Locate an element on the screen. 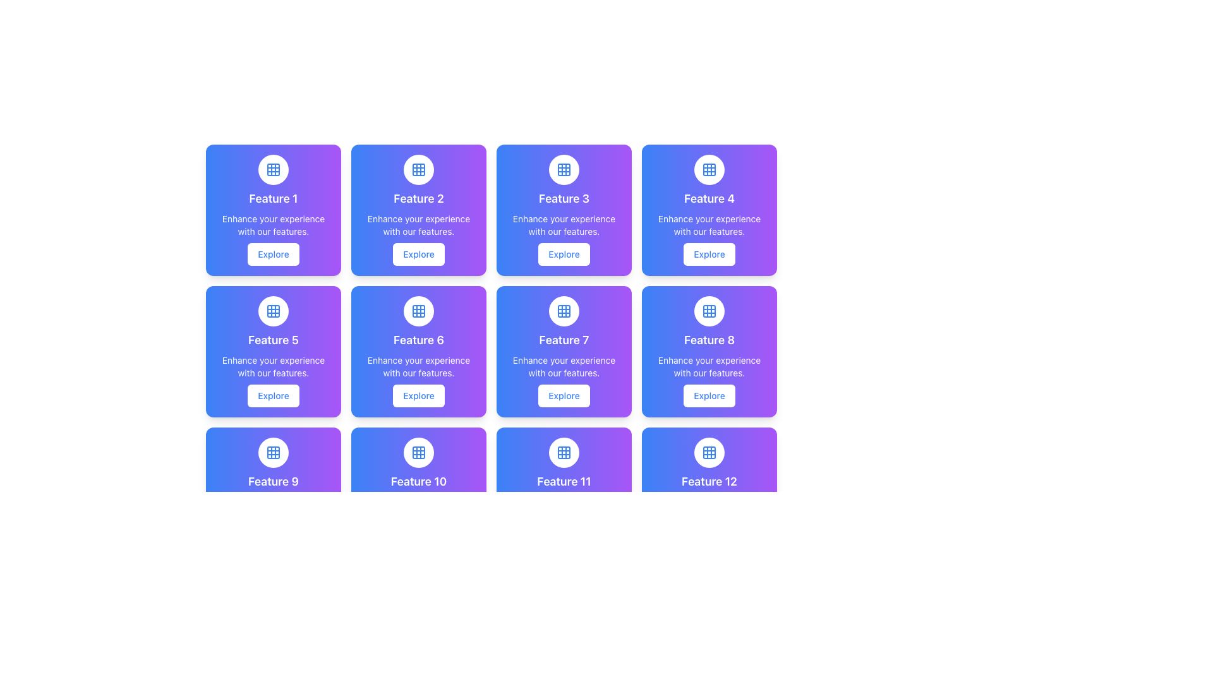 Image resolution: width=1213 pixels, height=682 pixels. the title text of the tenth card in the grid of feature cards, located in the bottom row and second column from the left, to read it is located at coordinates (418, 482).